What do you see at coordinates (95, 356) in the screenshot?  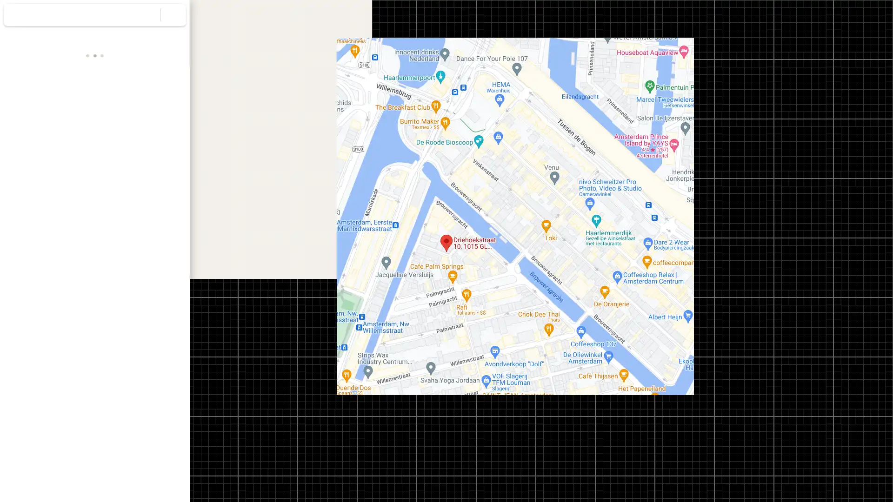 I see `Street View` at bounding box center [95, 356].